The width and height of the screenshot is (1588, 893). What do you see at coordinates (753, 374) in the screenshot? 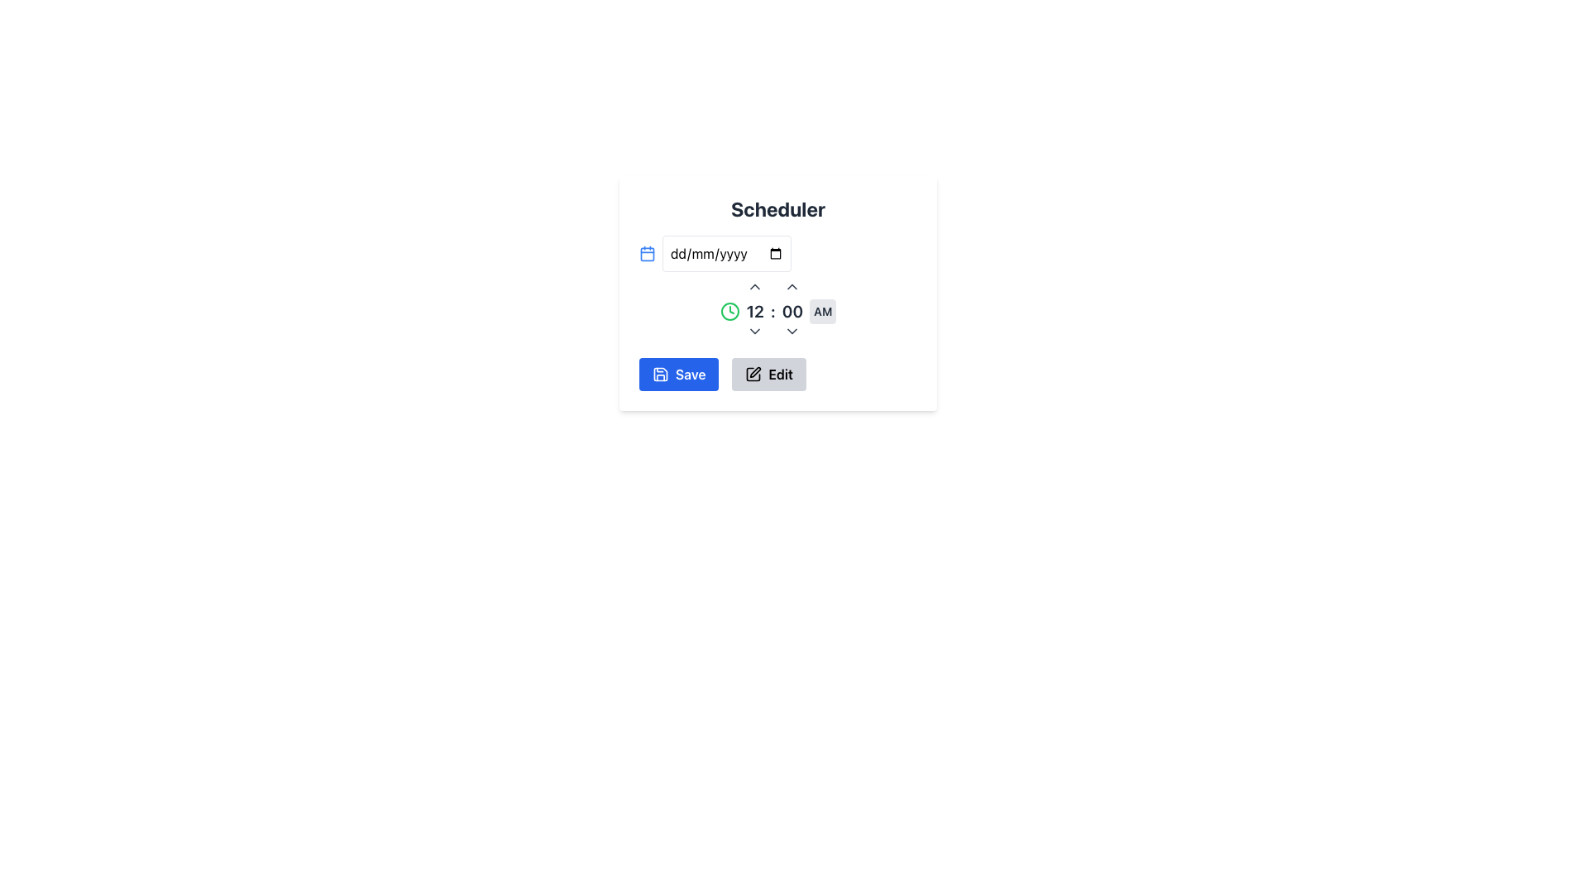
I see `the pencil icon located within the 'Edit' button in the bottom-right corner of the interface` at bounding box center [753, 374].